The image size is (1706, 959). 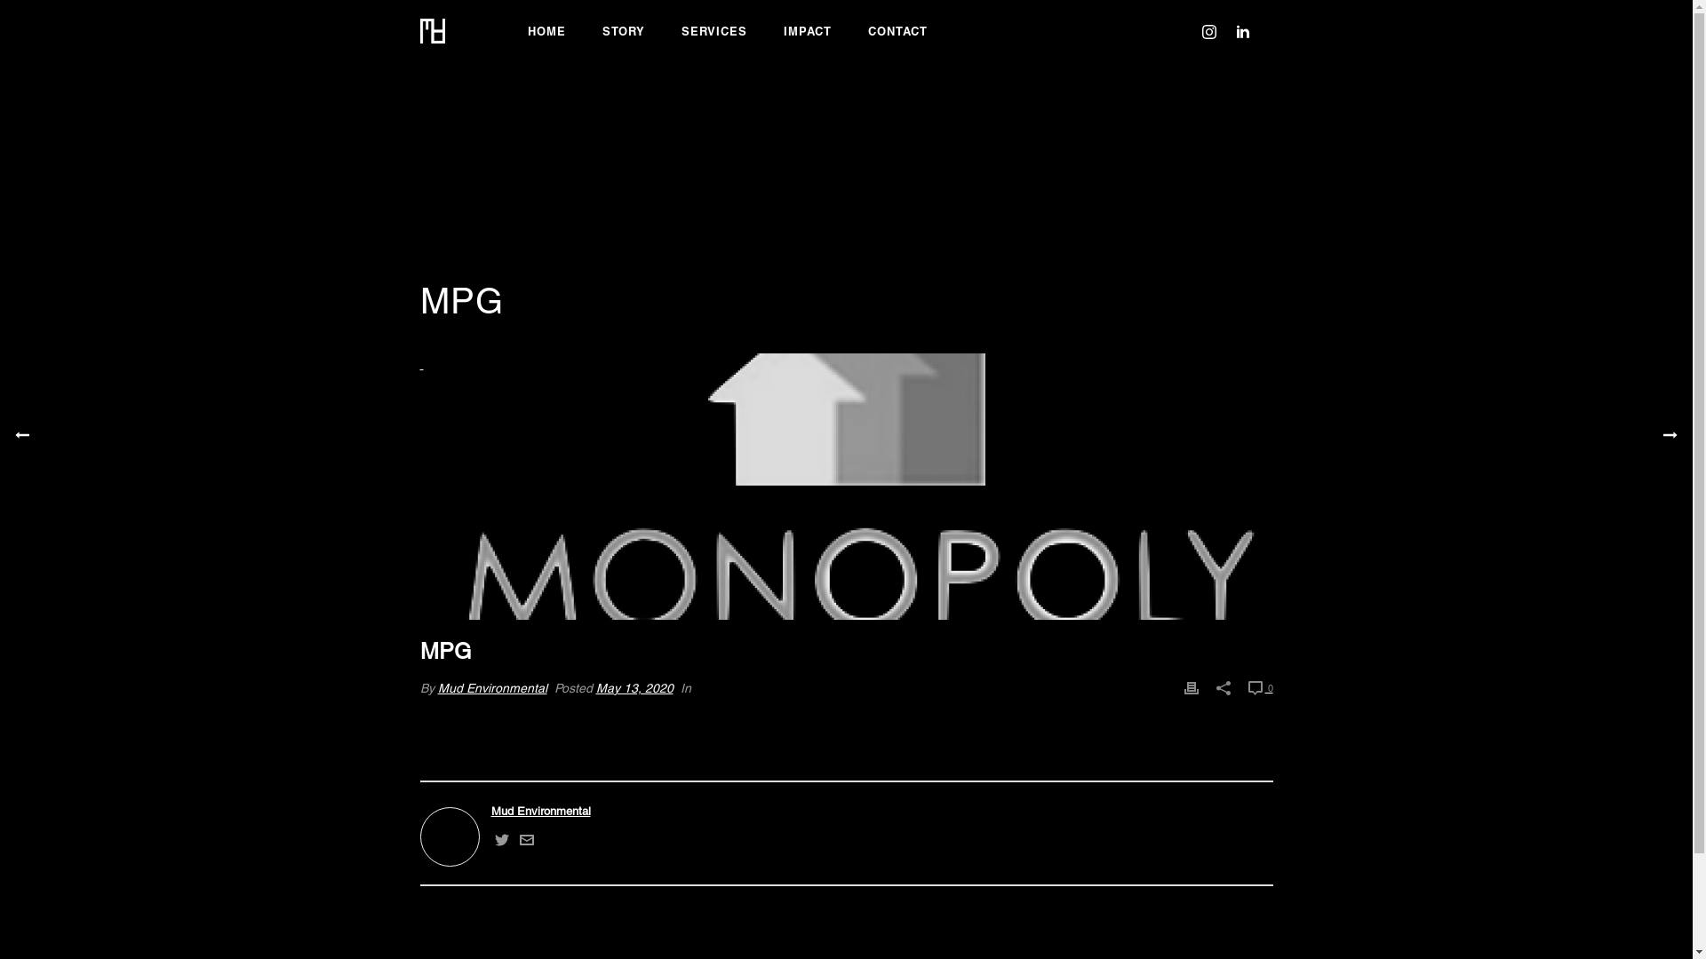 What do you see at coordinates (436, 686) in the screenshot?
I see `'Mud Environmental'` at bounding box center [436, 686].